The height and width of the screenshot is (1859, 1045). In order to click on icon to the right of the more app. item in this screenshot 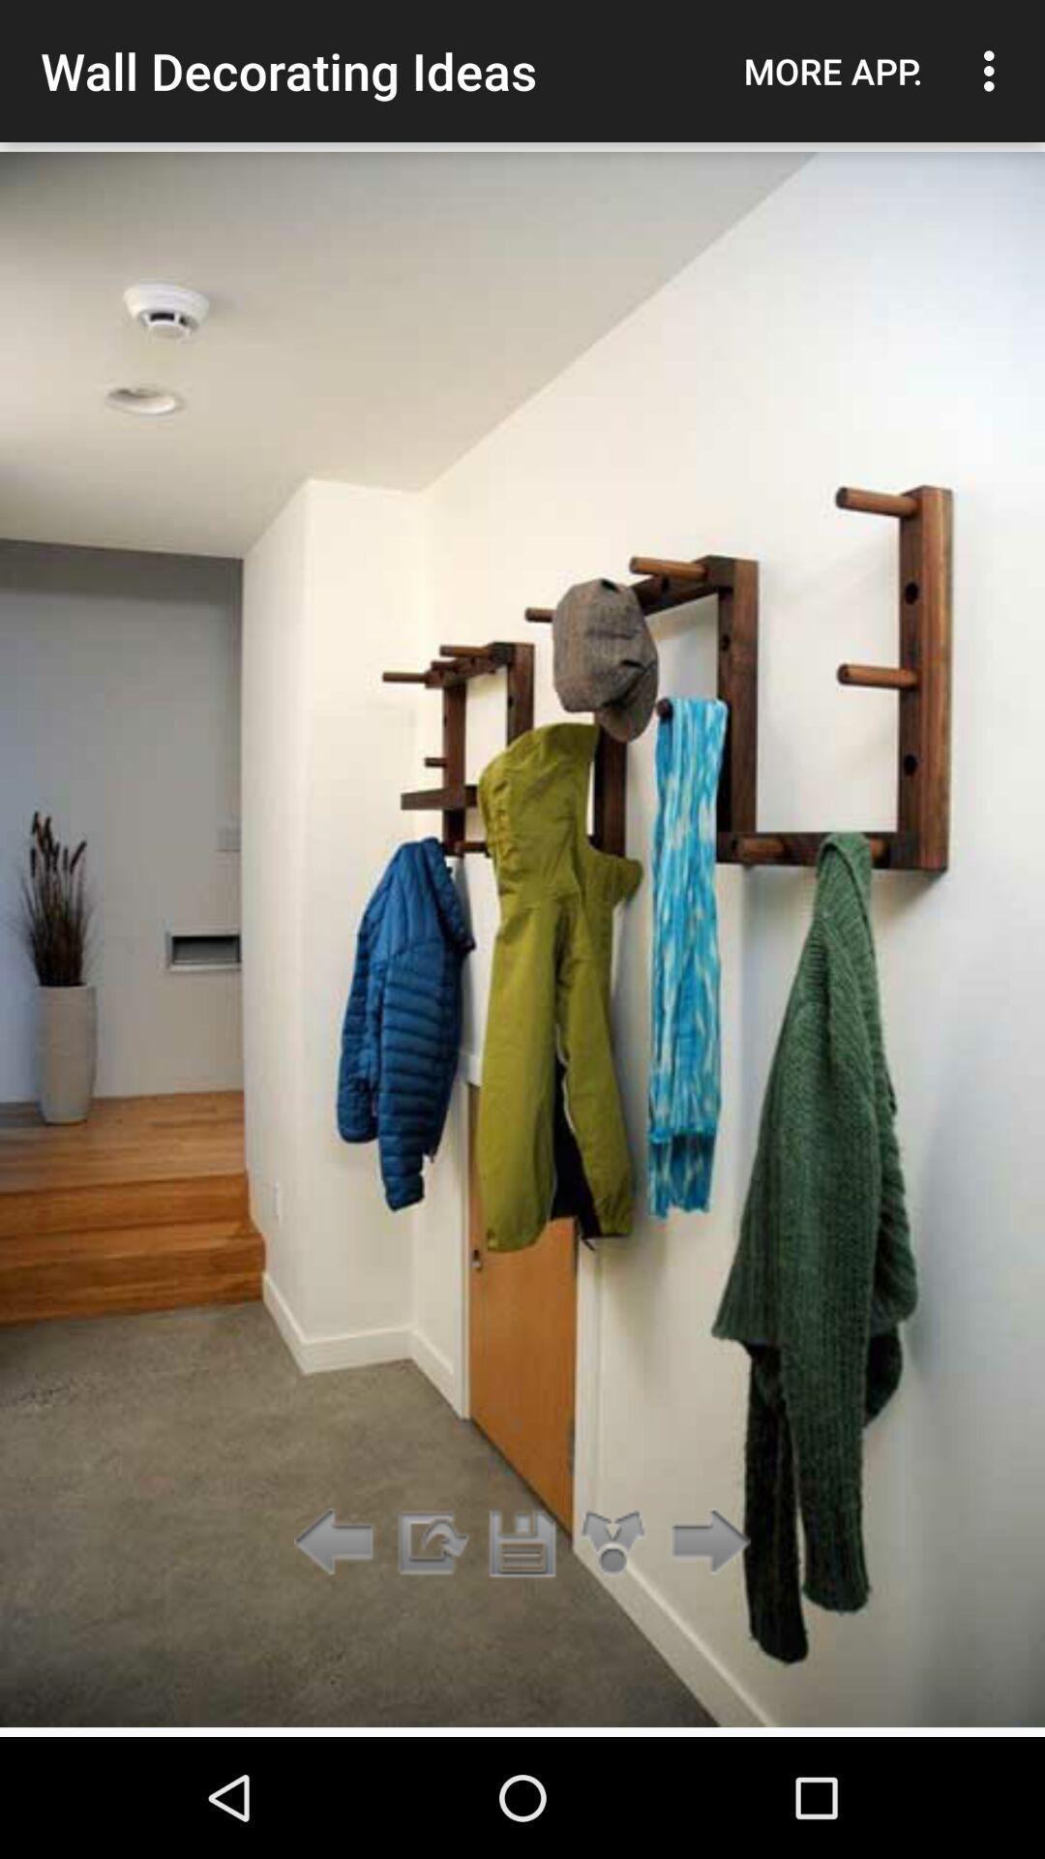, I will do `click(994, 71)`.